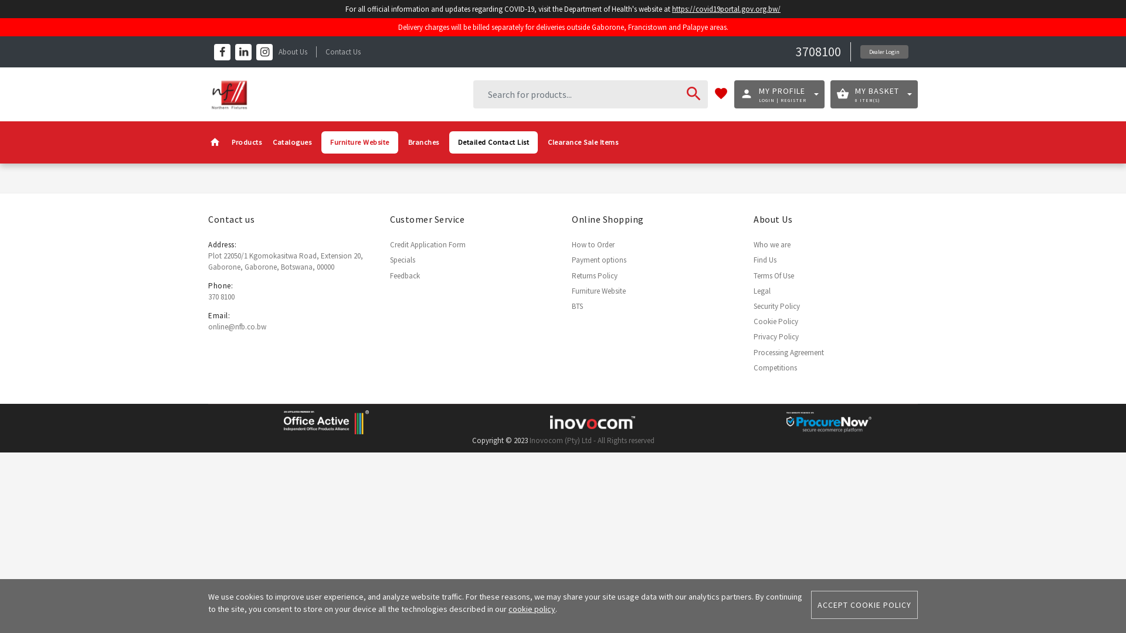 This screenshot has width=1126, height=633. Describe the element at coordinates (221, 296) in the screenshot. I see `'370 8100'` at that location.